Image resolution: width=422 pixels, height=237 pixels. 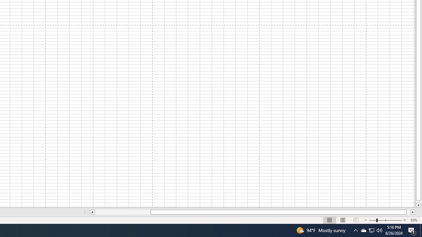 What do you see at coordinates (92, 212) in the screenshot?
I see `'Column left'` at bounding box center [92, 212].